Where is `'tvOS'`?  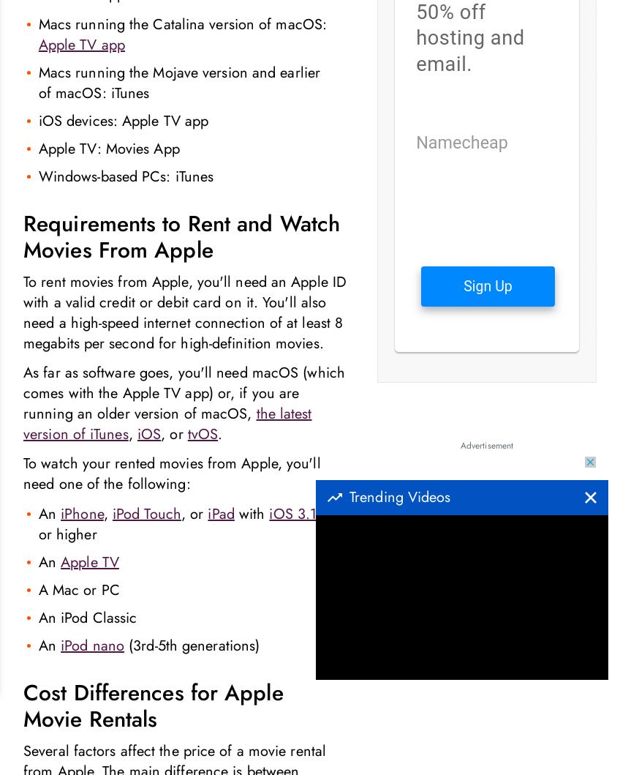 'tvOS' is located at coordinates (186, 433).